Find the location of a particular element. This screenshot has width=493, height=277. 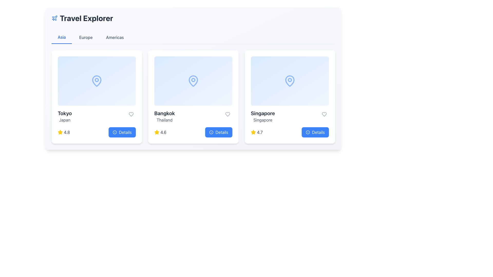

the information icon within the 'Details' button located at the bottom right corner of the travel destination card for 'Tokyo'. This icon is a blue circular SVG with an 'i' symbol, positioned to the left of the 'Details' text is located at coordinates (115, 132).